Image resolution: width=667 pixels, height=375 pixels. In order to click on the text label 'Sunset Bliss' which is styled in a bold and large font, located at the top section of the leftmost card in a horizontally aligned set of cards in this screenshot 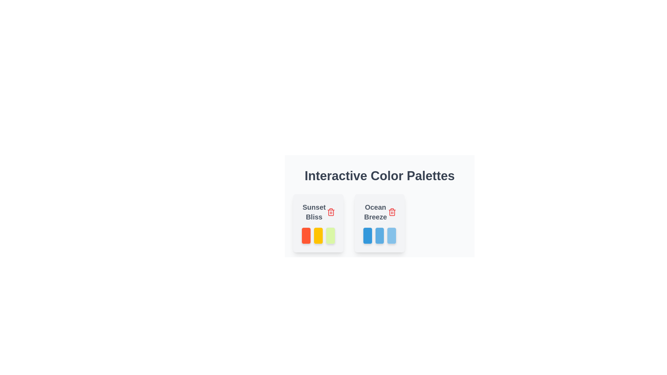, I will do `click(318, 211)`.